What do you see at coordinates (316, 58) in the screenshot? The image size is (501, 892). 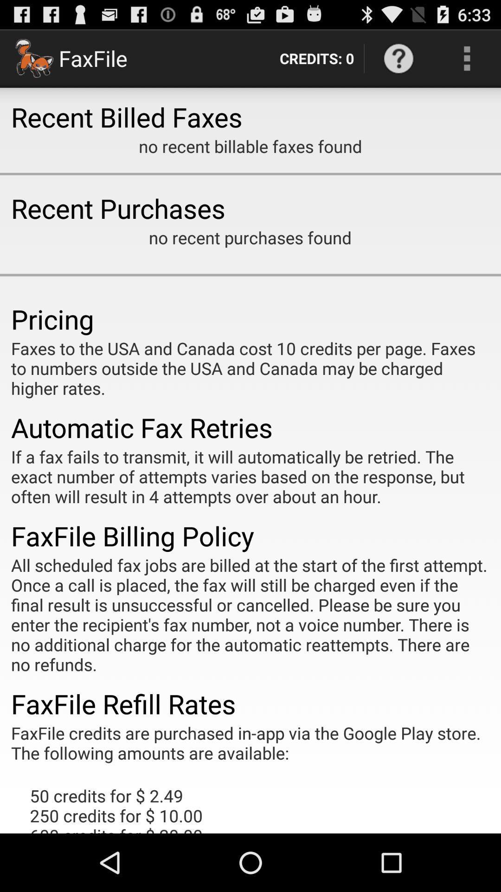 I see `the icon to the right of the faxfile icon` at bounding box center [316, 58].